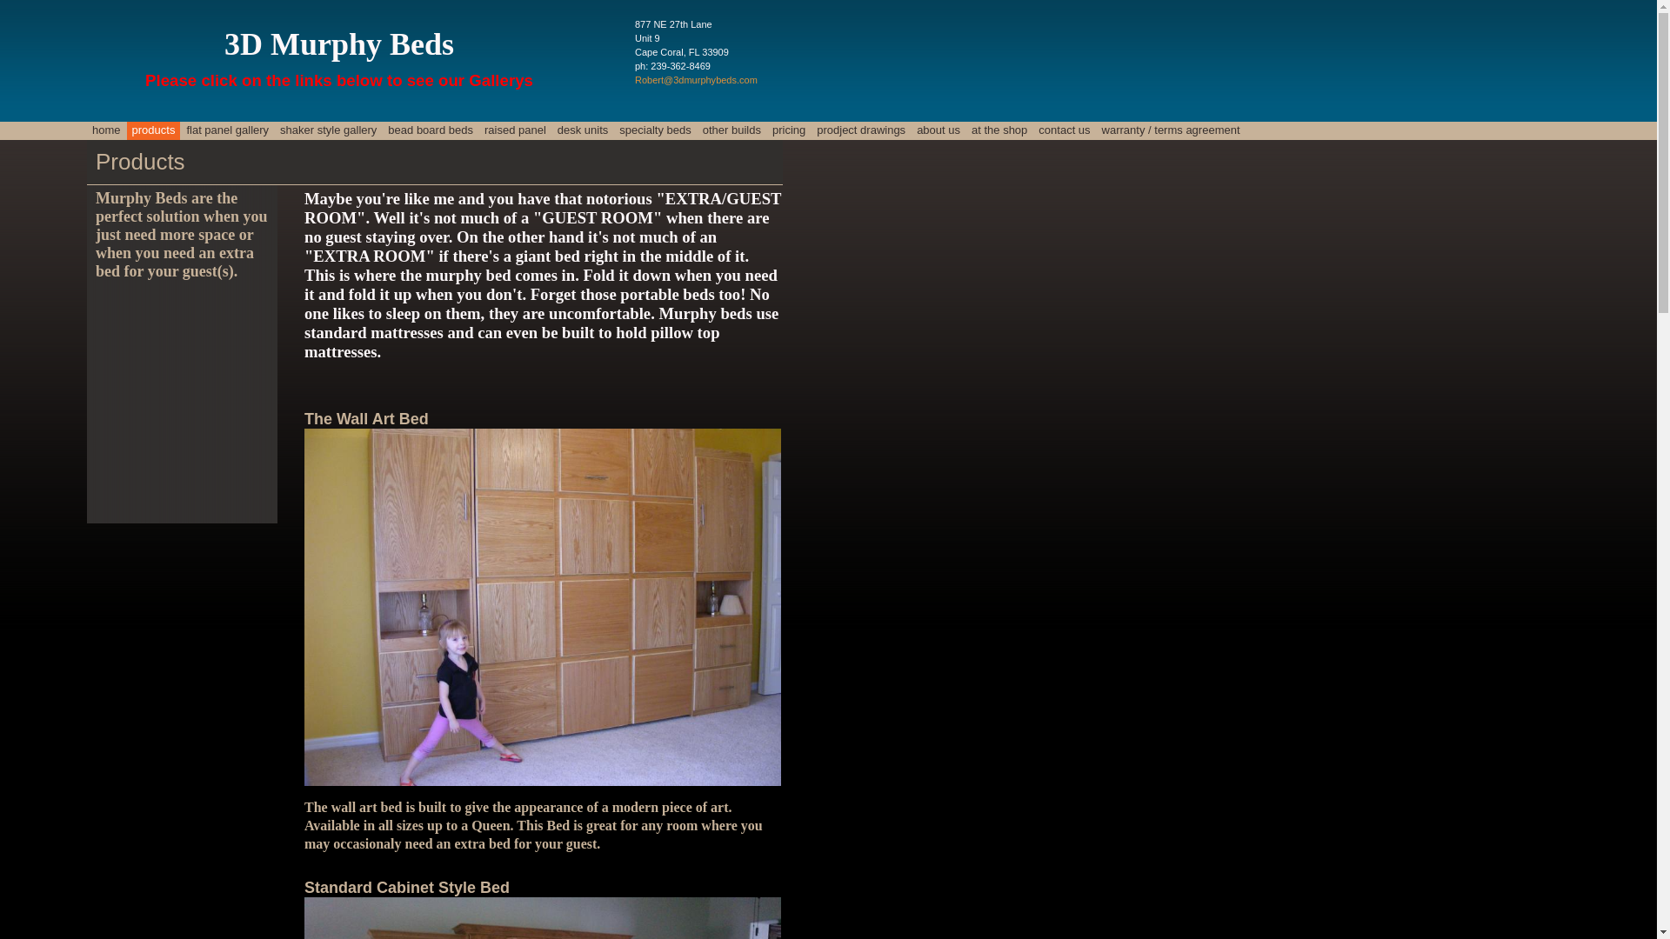 The width and height of the screenshot is (1670, 939). What do you see at coordinates (430, 130) in the screenshot?
I see `'bead board beds'` at bounding box center [430, 130].